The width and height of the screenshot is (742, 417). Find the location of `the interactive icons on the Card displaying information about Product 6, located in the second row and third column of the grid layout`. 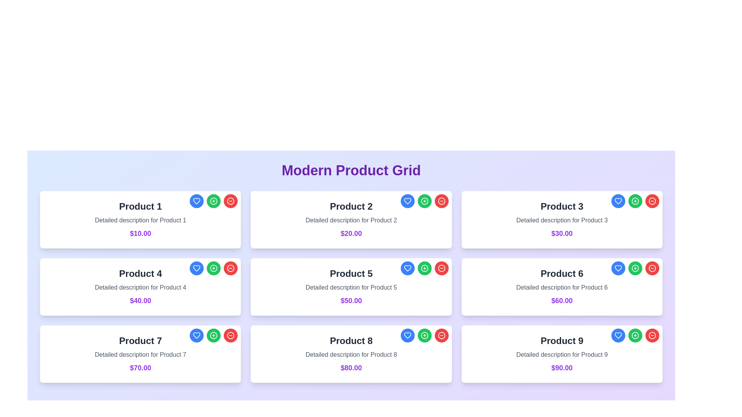

the interactive icons on the Card displaying information about Product 6, located in the second row and third column of the grid layout is located at coordinates (562, 287).